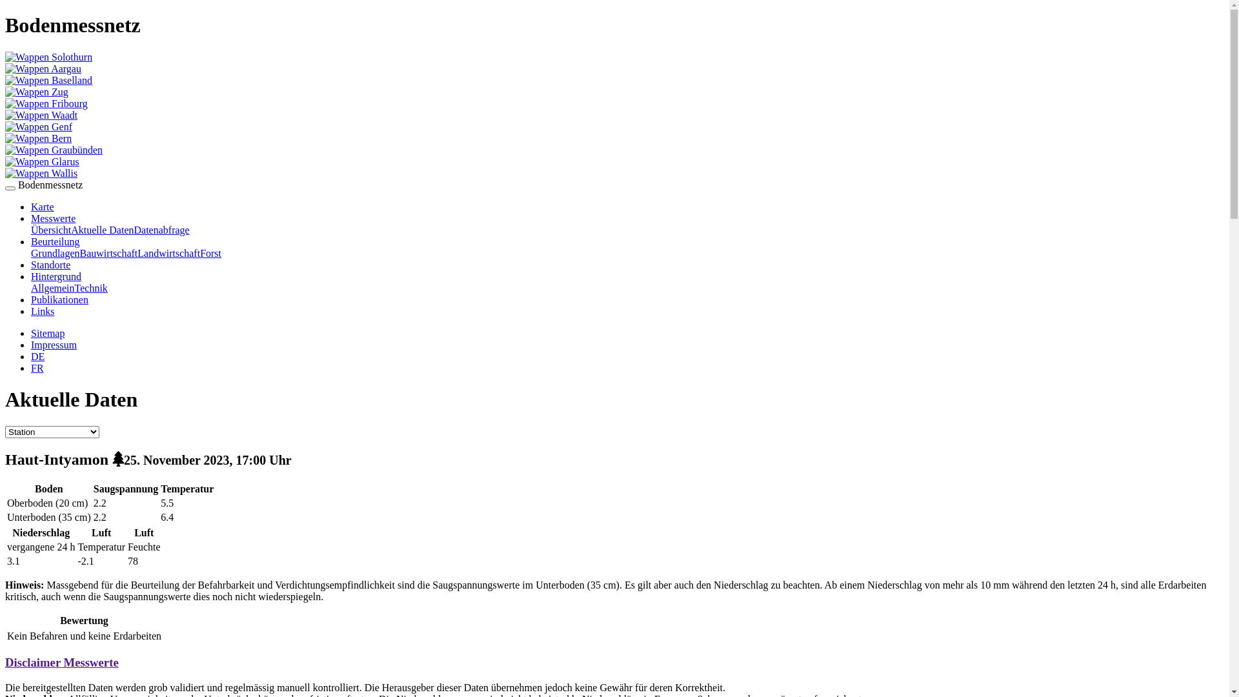  What do you see at coordinates (161, 229) in the screenshot?
I see `'Datenabfrage'` at bounding box center [161, 229].